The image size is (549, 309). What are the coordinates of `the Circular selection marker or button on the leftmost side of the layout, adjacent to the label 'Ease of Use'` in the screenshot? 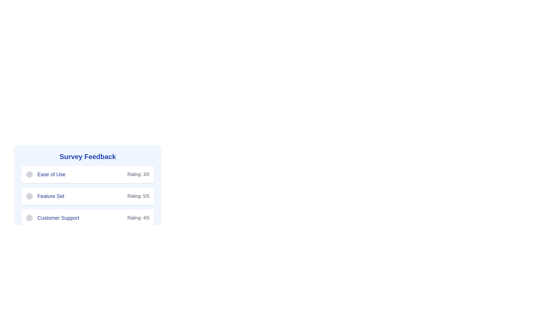 It's located at (29, 174).